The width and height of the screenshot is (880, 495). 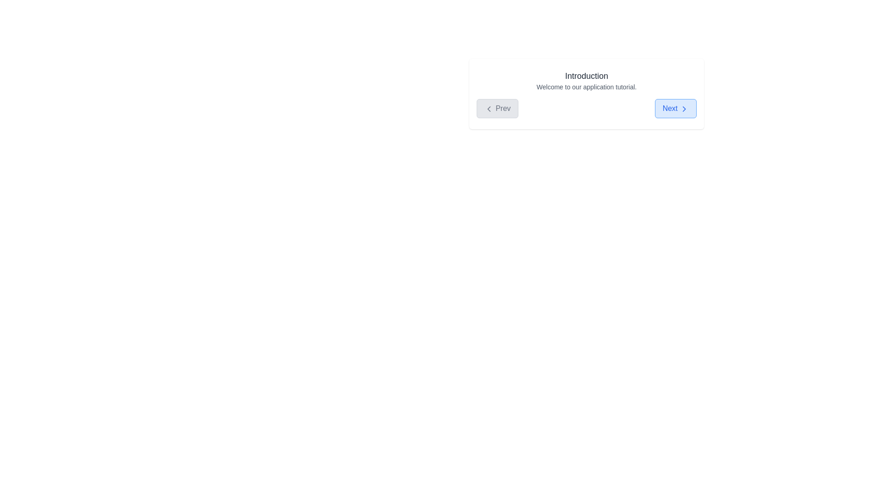 What do you see at coordinates (684, 108) in the screenshot?
I see `the navigation icon located in the bottom-right section of the interface` at bounding box center [684, 108].